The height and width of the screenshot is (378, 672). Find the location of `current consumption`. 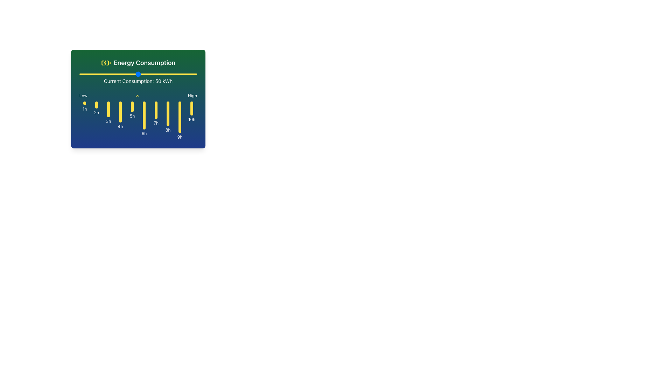

current consumption is located at coordinates (189, 74).